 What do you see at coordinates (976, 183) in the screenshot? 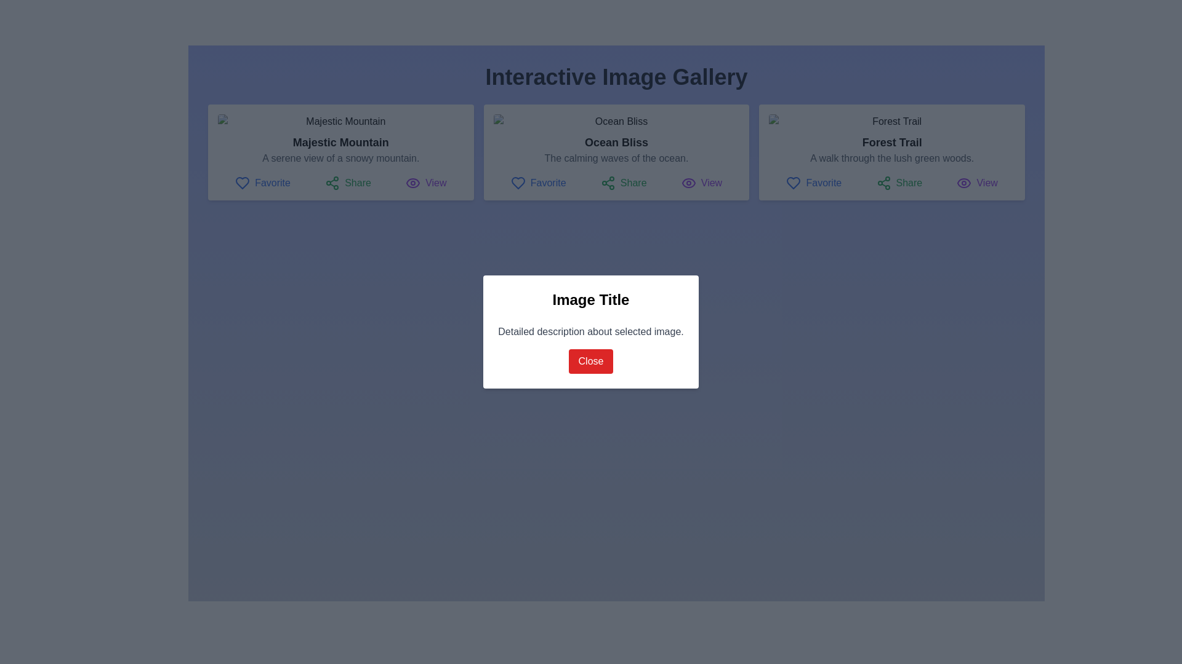
I see `the third interactive button in the row of actions below the 'Forest Trail' section` at bounding box center [976, 183].